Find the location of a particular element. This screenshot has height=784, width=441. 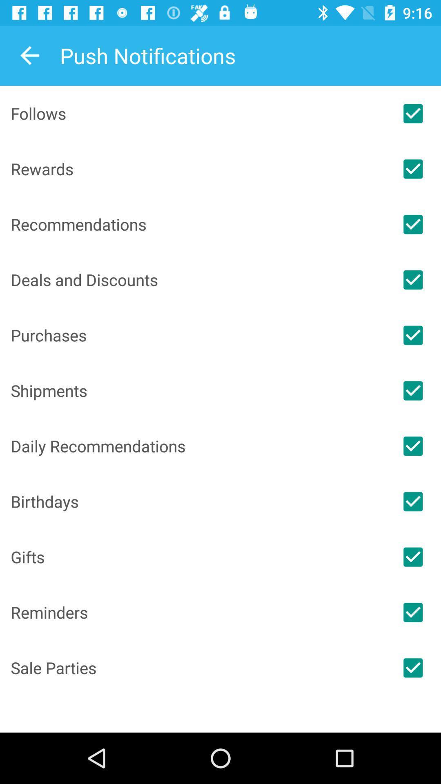

daily recommendations is located at coordinates (413, 445).